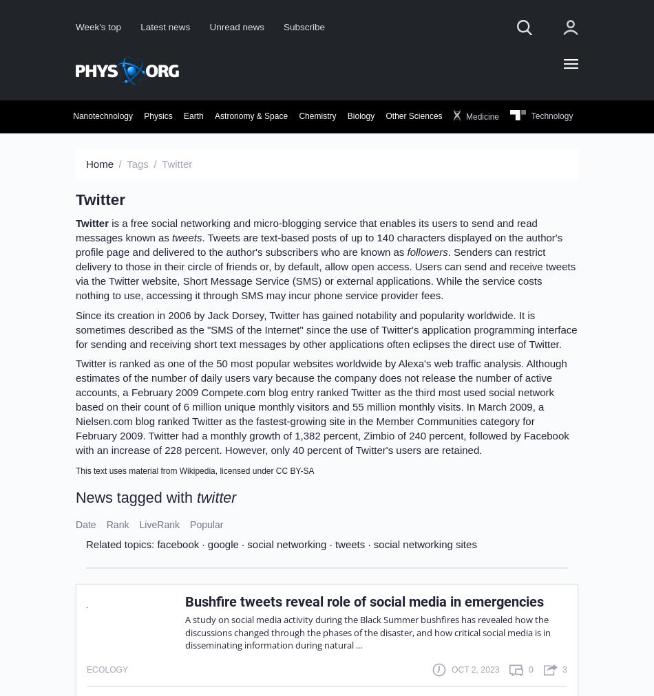  Describe the element at coordinates (325, 274) in the screenshot. I see `'. Senders can restrict delivery to those in their circle of friends or, by default, allow open access. Users can send and receive tweets via the Twitter website, Short Message Service (SMS) or external applications. While the service costs nothing to use, accessing it through SMS may incur phone service provider fees.'` at that location.